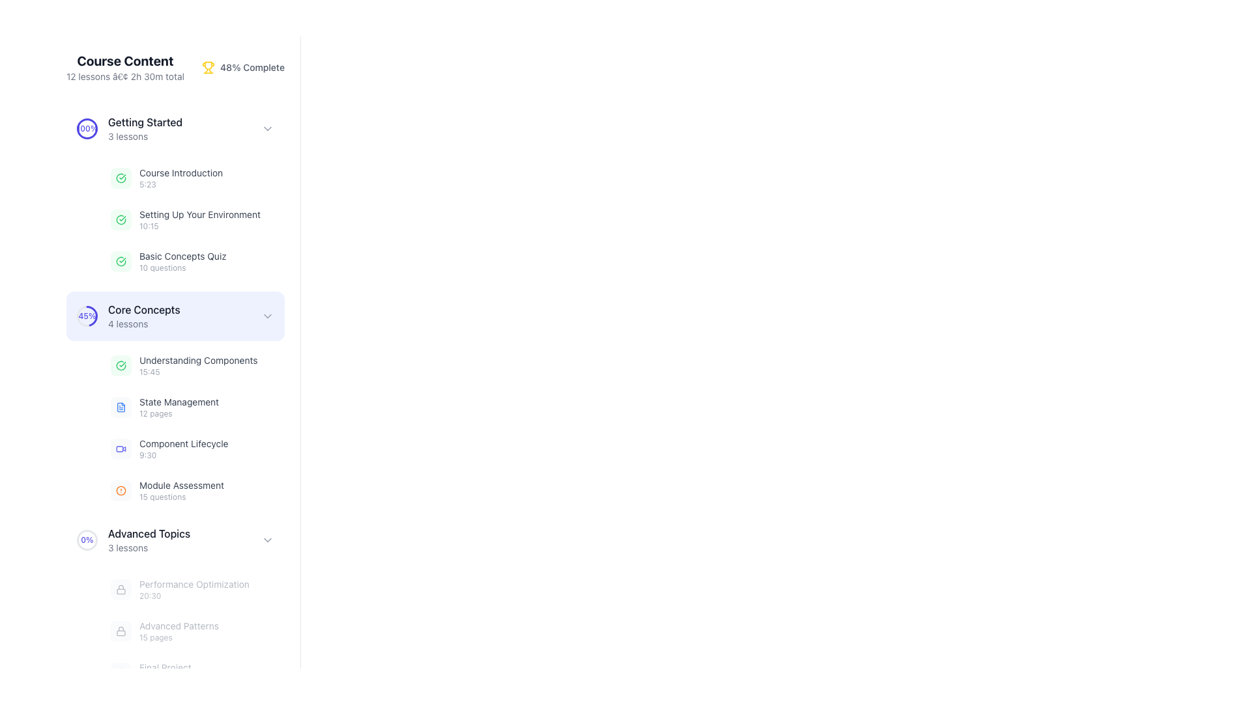 This screenshot has width=1251, height=703. What do you see at coordinates (175, 128) in the screenshot?
I see `the Interactive section header titled 'Getting Started'` at bounding box center [175, 128].